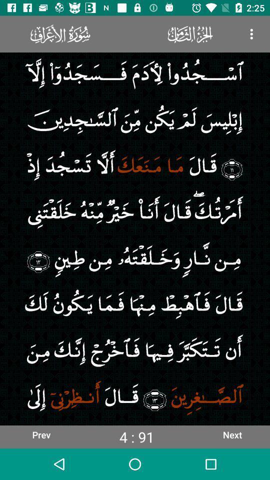 The height and width of the screenshot is (480, 270). I want to click on the item next to the 4 : 91, so click(40, 434).